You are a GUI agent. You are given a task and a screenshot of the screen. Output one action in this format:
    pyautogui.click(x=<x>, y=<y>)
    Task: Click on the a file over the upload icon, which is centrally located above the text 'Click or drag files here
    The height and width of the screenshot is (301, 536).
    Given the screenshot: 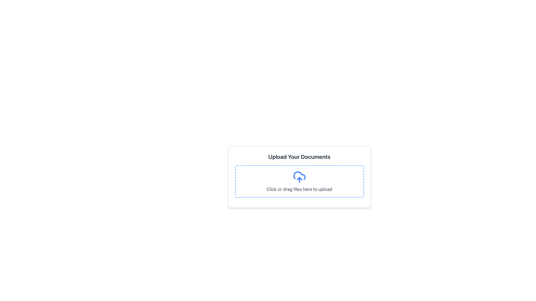 What is the action you would take?
    pyautogui.click(x=299, y=177)
    